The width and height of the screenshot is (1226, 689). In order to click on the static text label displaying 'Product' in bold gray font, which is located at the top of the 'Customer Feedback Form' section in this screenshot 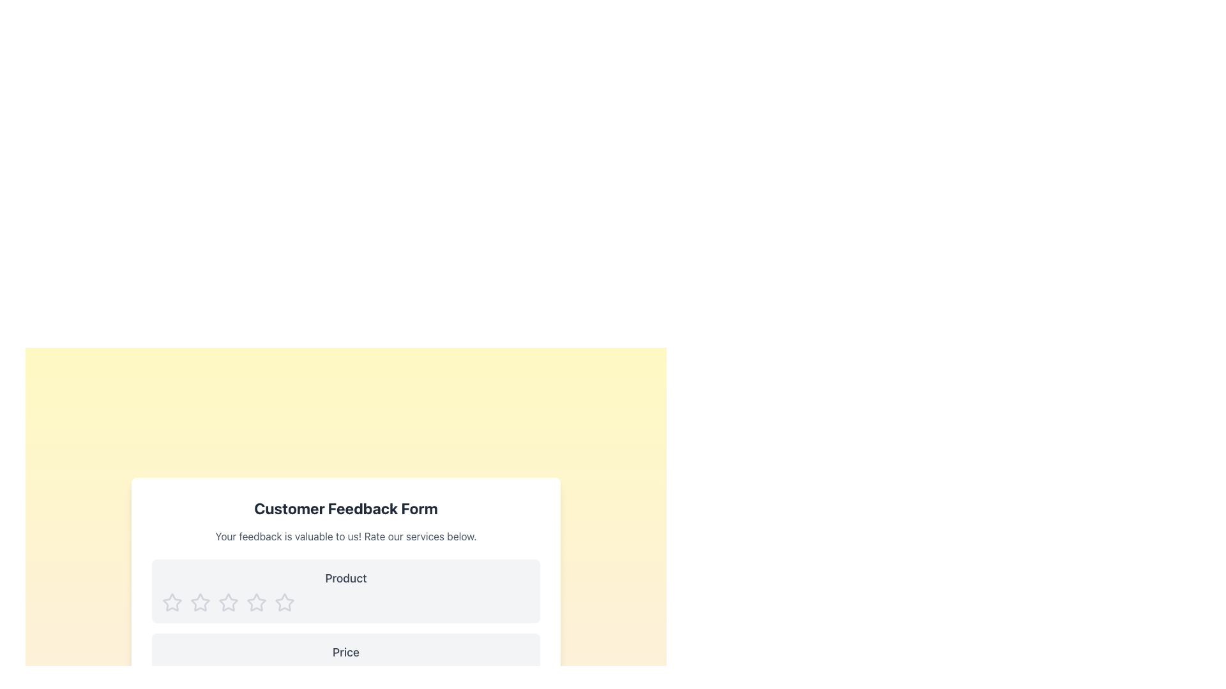, I will do `click(346, 578)`.